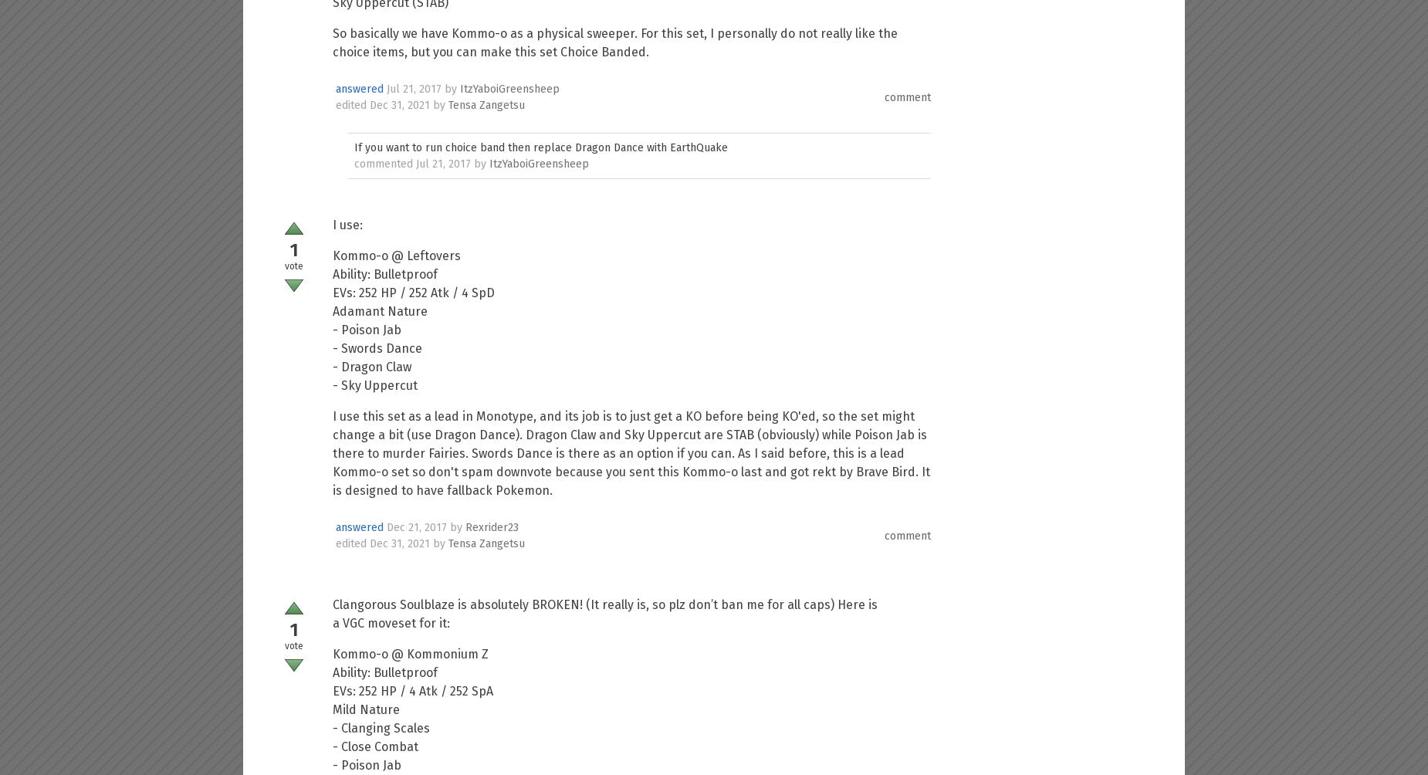 The image size is (1428, 775). Describe the element at coordinates (366, 709) in the screenshot. I see `'Mild Nature'` at that location.